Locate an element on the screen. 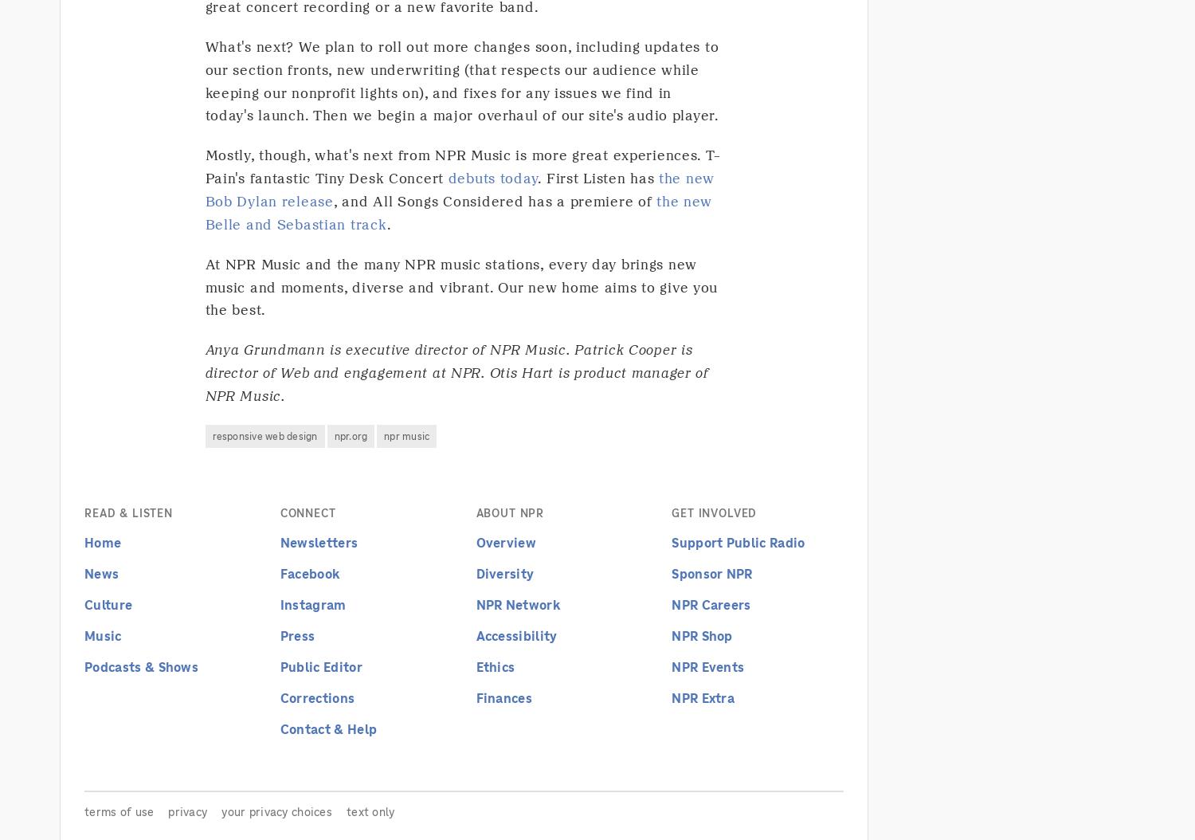 The width and height of the screenshot is (1195, 840). '.' is located at coordinates (387, 222).